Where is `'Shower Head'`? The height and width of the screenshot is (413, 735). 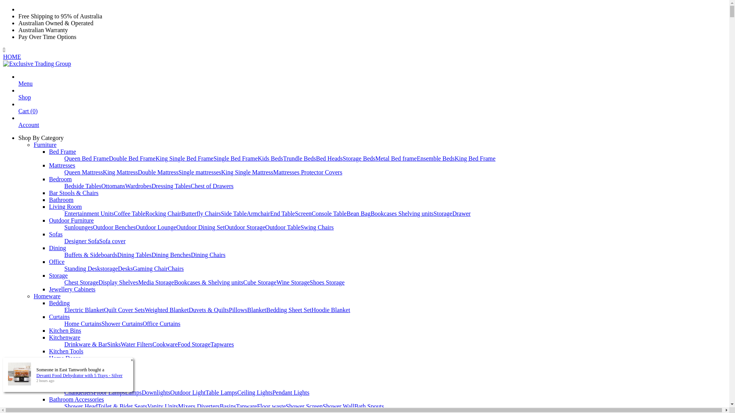
'Shower Head' is located at coordinates (64, 406).